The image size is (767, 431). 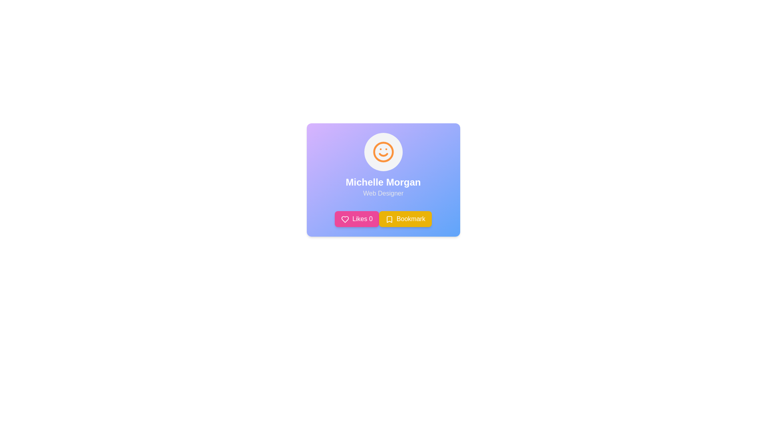 What do you see at coordinates (383, 152) in the screenshot?
I see `the graphic or decorative image holder that serves as a visual identifier for 'Michelle Morgan', positioned centrally above the text` at bounding box center [383, 152].